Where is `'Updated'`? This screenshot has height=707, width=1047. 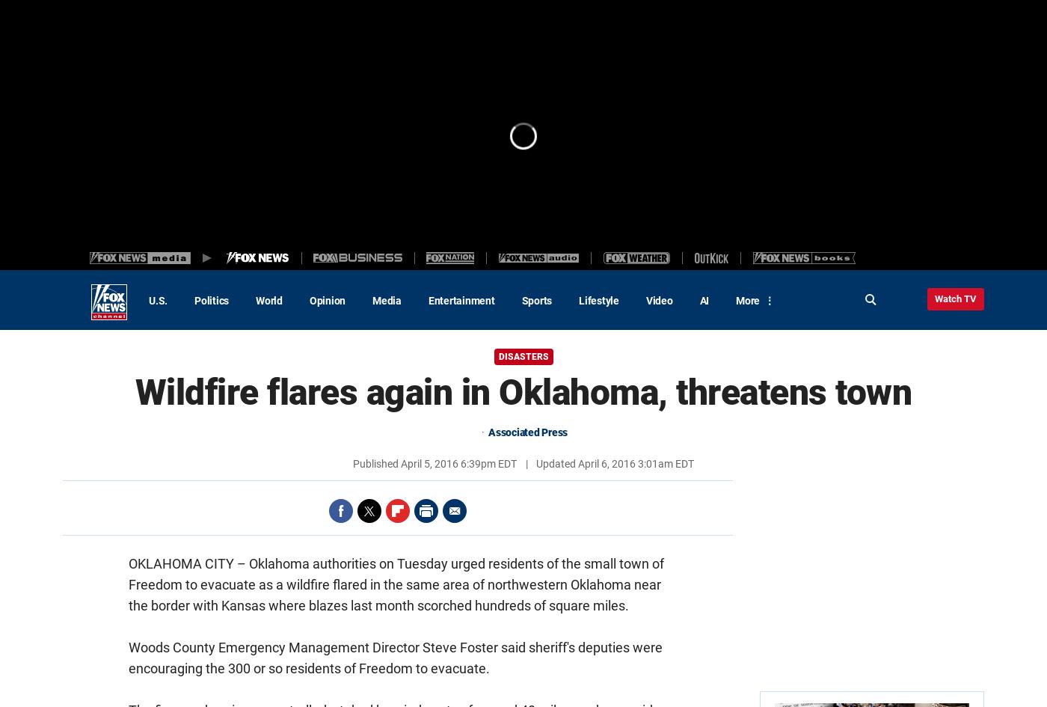
'Updated' is located at coordinates (556, 463).